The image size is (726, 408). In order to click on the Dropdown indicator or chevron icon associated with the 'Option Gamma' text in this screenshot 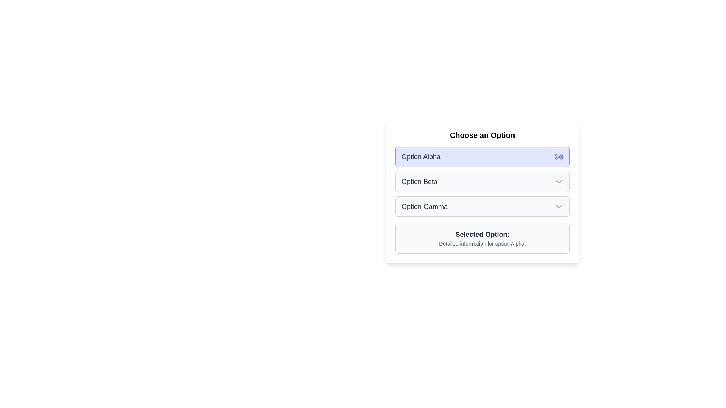, I will do `click(559, 207)`.